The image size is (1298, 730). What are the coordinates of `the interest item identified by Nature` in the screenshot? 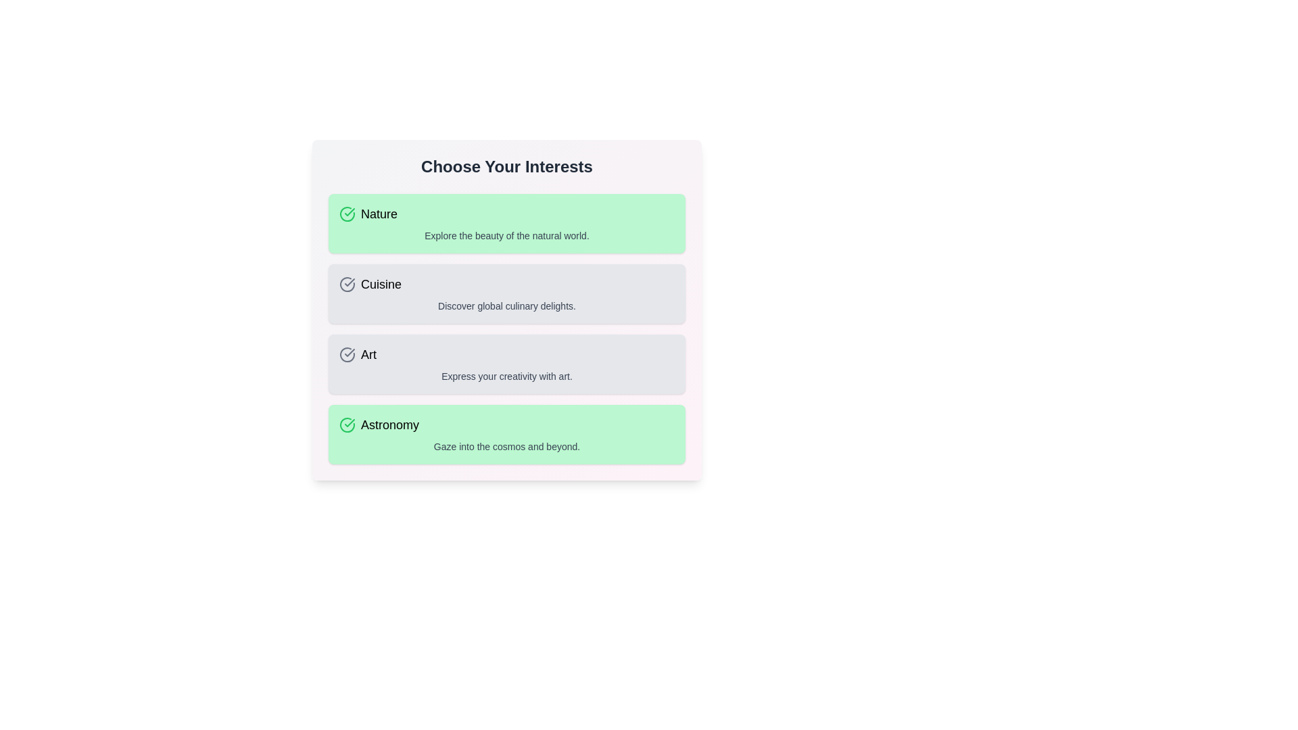 It's located at (506, 223).